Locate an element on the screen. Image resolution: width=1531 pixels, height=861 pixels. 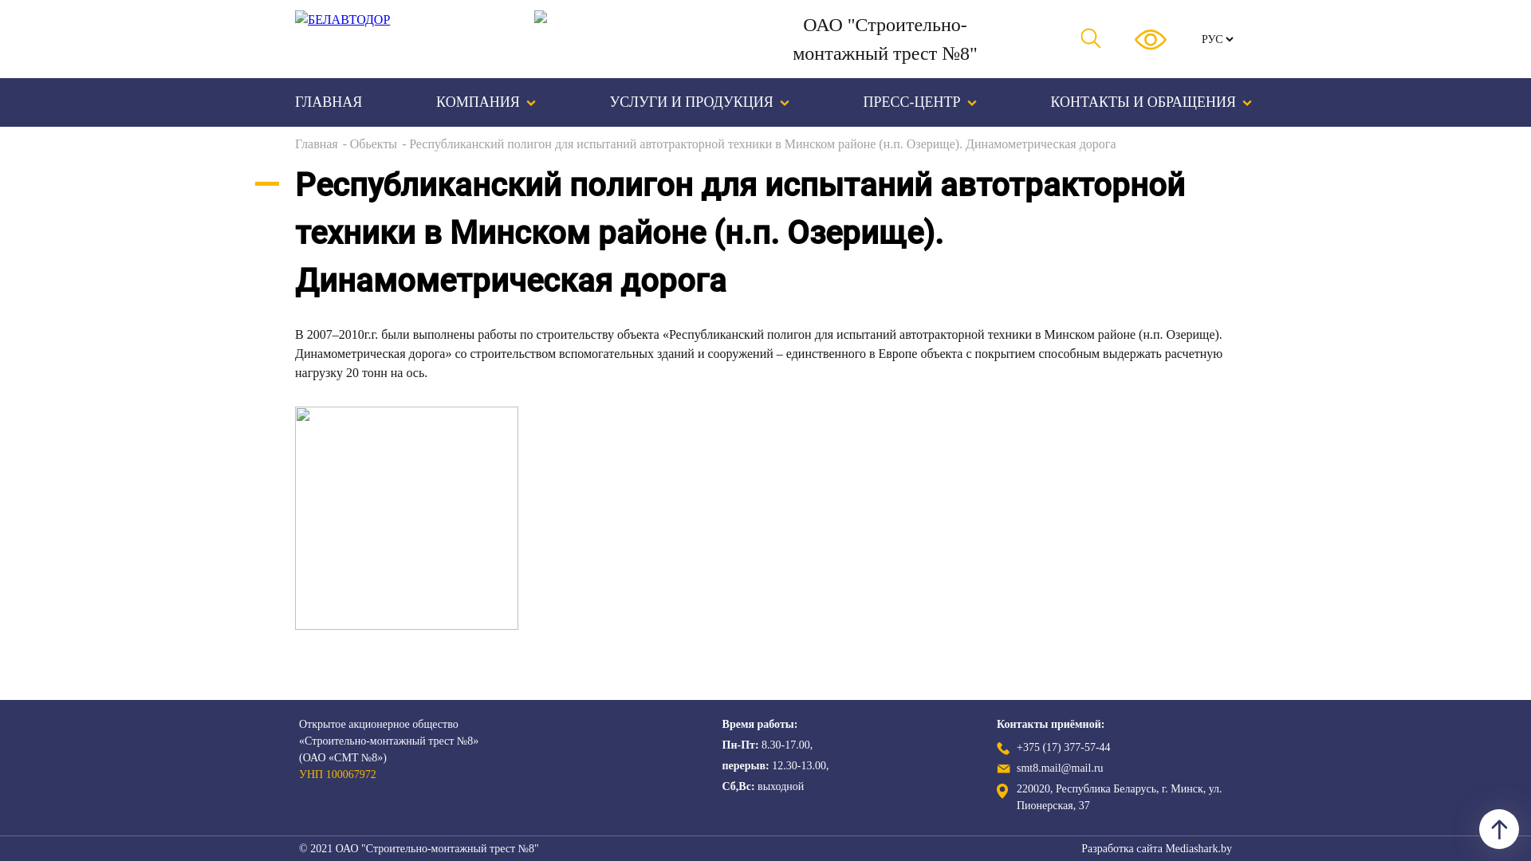
'smt8.mail@mail.ru' is located at coordinates (1016, 768).